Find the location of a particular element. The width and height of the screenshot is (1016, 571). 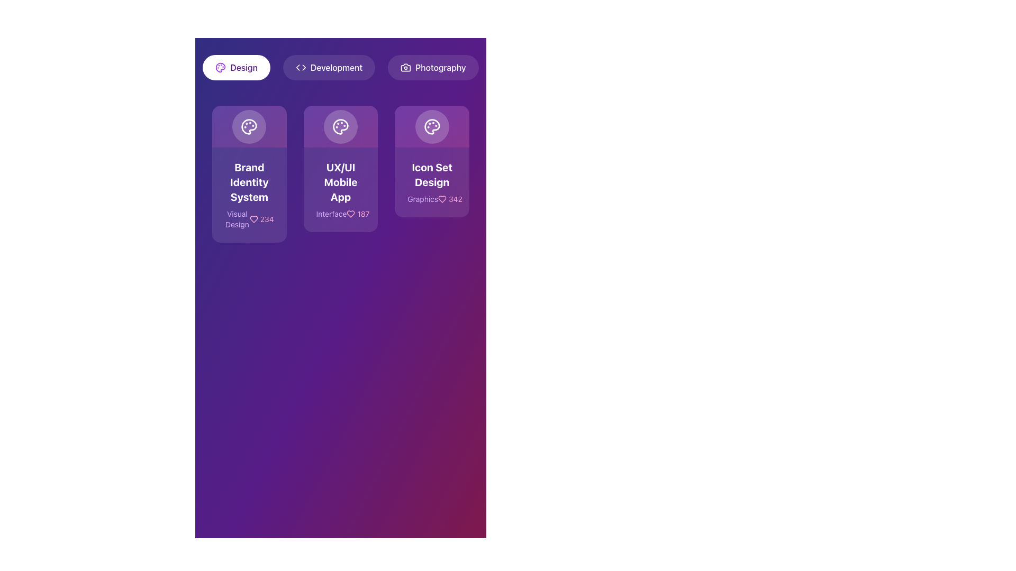

the 'Design' button, which is a pill-shaped button with white background and purple text, located to the left of the 'Development' button is located at coordinates (236, 67).